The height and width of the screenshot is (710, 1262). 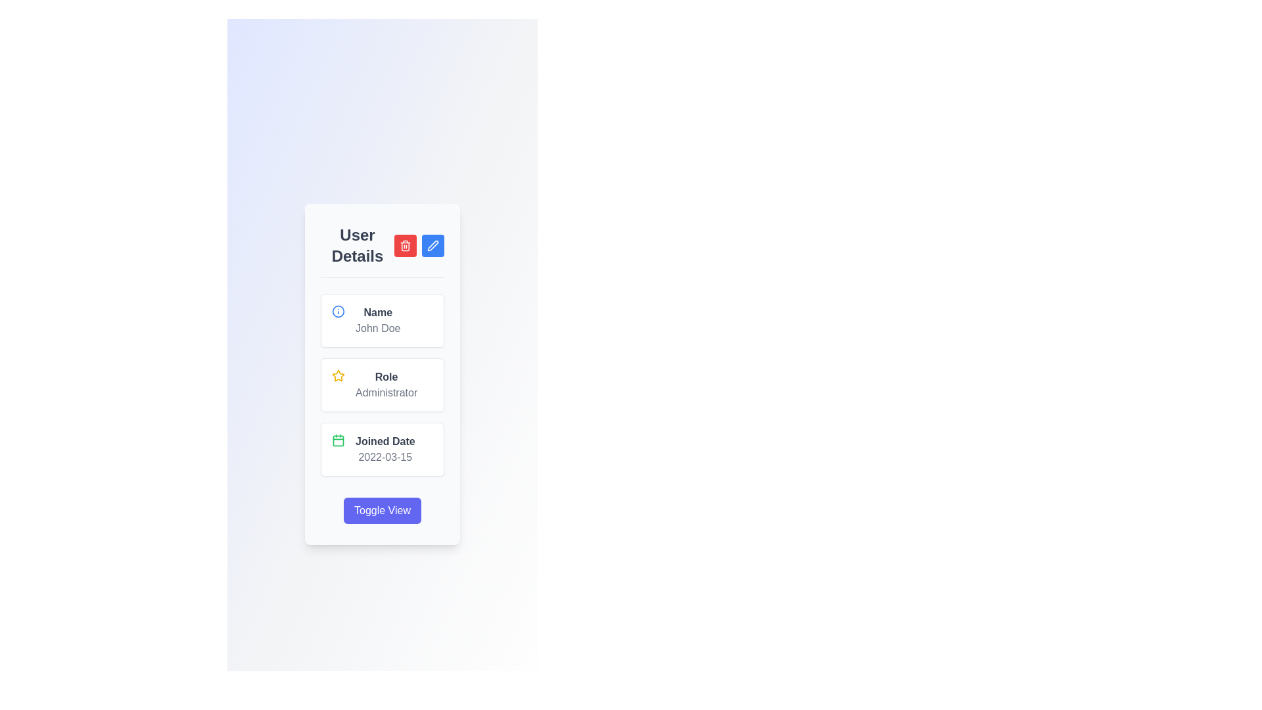 What do you see at coordinates (385, 441) in the screenshot?
I see `text of the label indicating the user's joining date, which is located below the 'Role' section and above the date '2022-03-15'` at bounding box center [385, 441].